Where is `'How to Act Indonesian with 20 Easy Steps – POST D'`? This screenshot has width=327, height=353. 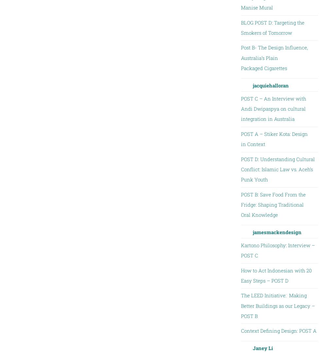
'How to Act Indonesian with 20 Easy Steps – POST D' is located at coordinates (240, 275).